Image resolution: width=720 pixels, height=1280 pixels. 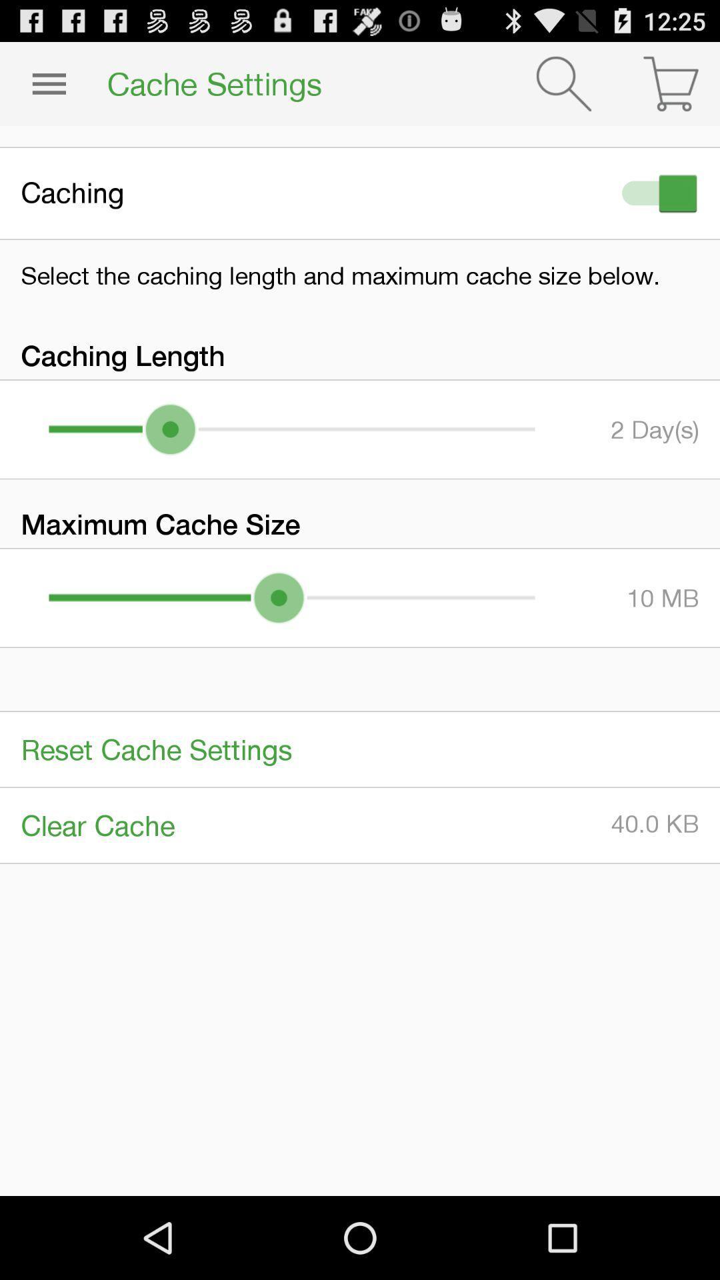 I want to click on icon next to the caching item, so click(x=656, y=193).